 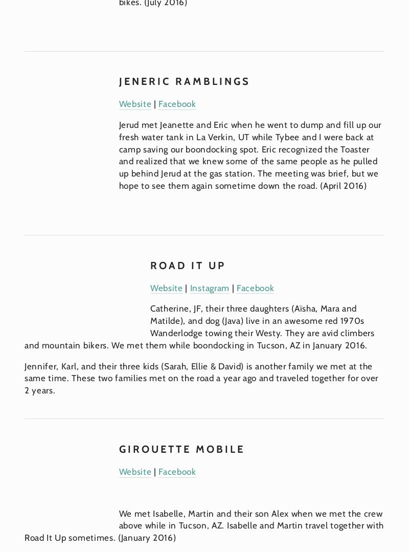 I want to click on 'Instagram', so click(x=209, y=287).